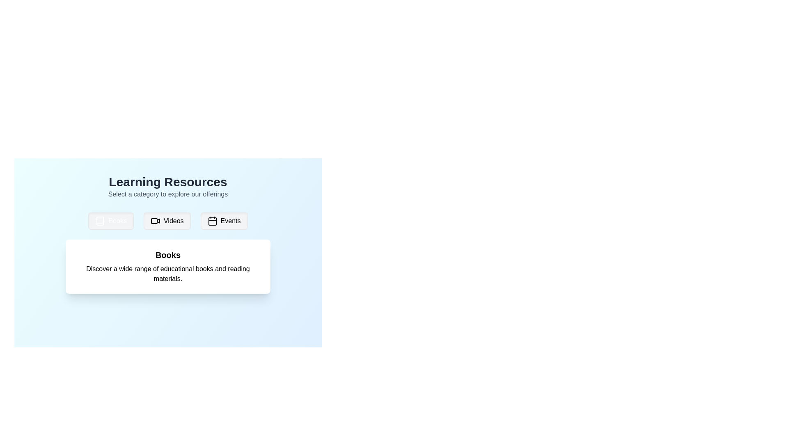 The image size is (788, 443). I want to click on the Header section located above the row of buttons labeled 'Books,' 'Videos,' and 'Events.', so click(167, 187).